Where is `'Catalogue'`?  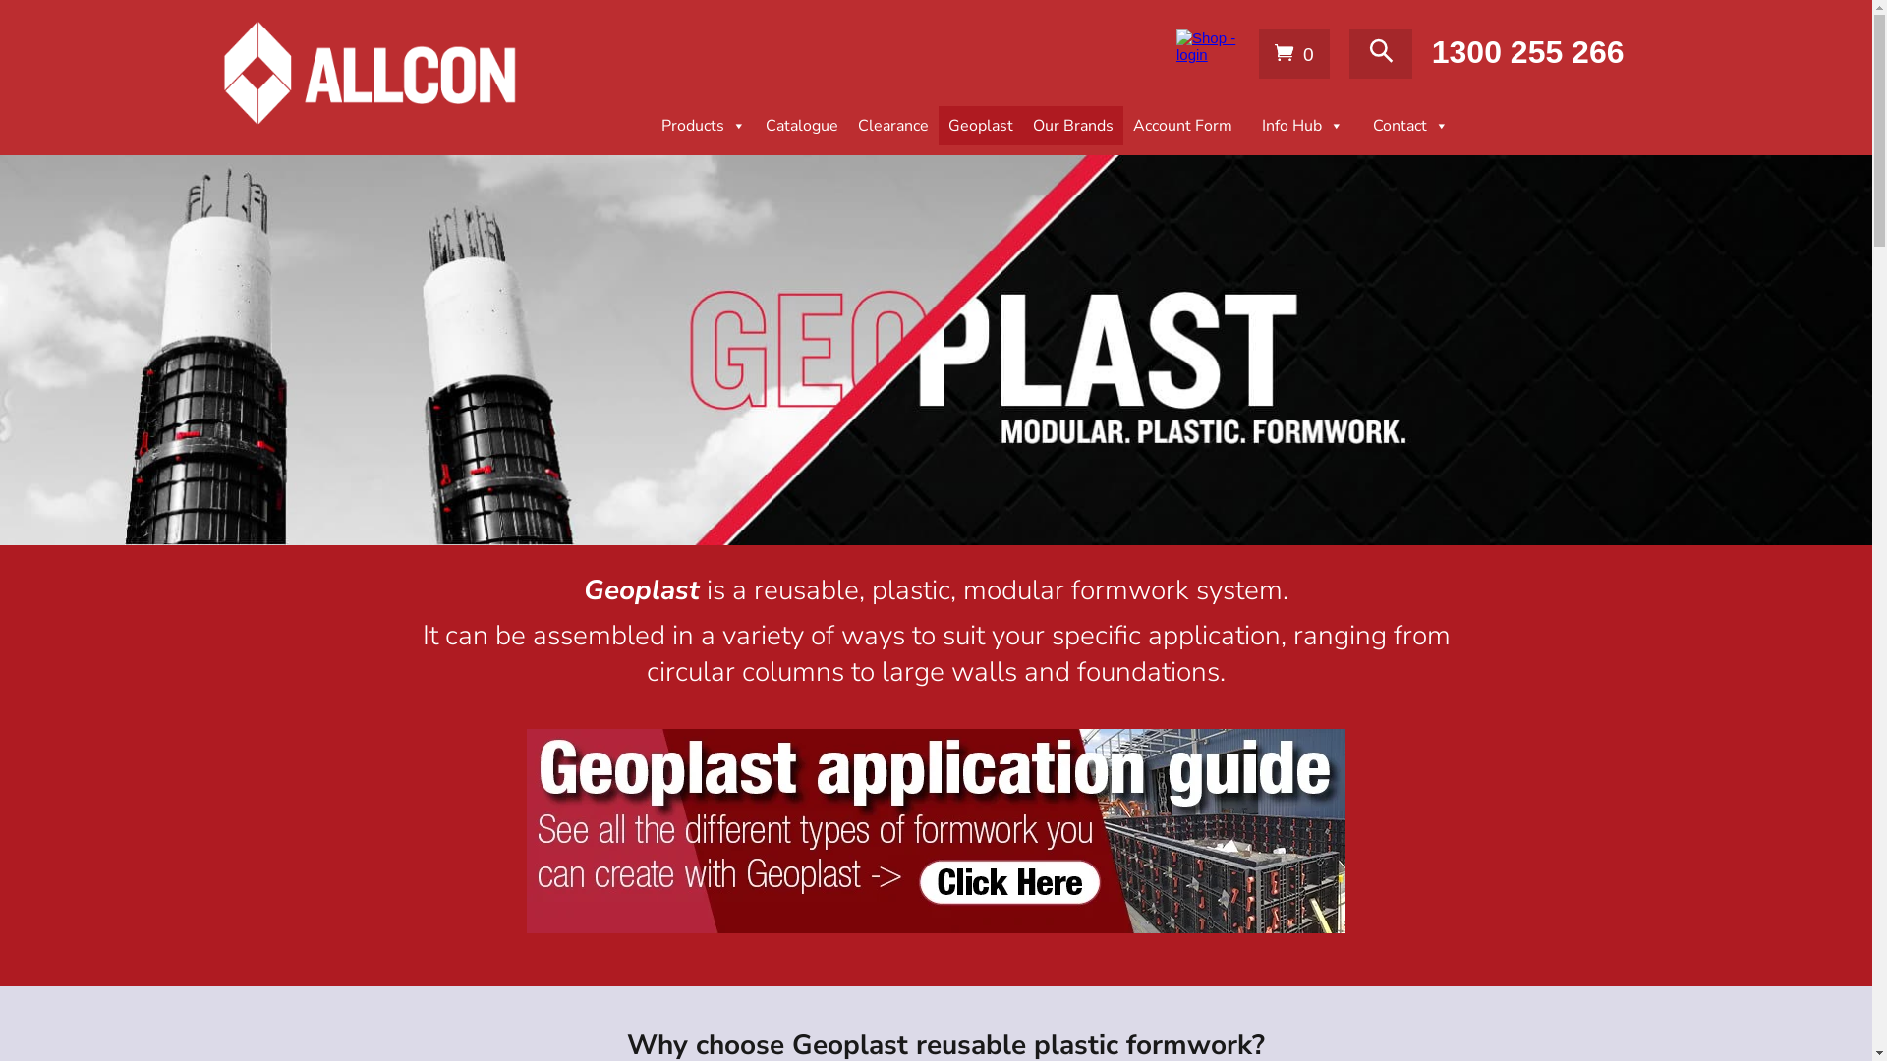
'Catalogue' is located at coordinates (801, 125).